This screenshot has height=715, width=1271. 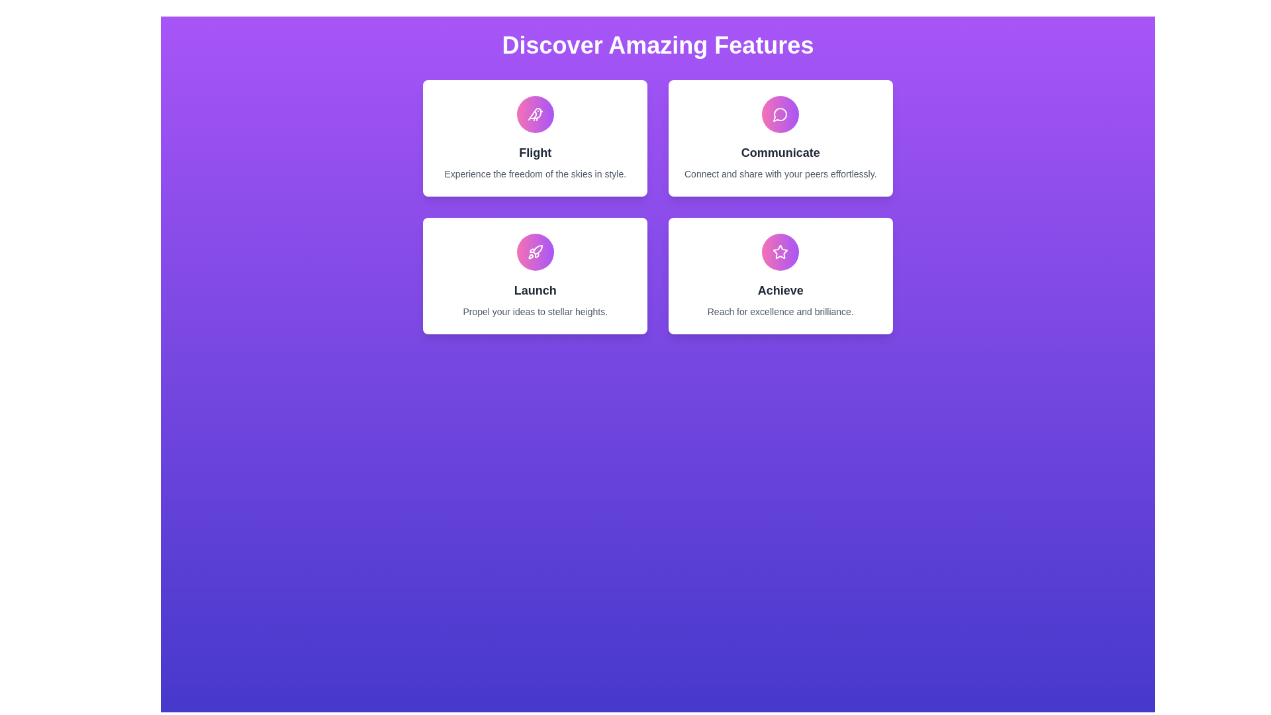 I want to click on the 'Launch' Information Card, which is the third card in a grid layout, featuring a rocket icon at the top and the text 'Propel your ideas to stellar heights.', so click(x=535, y=275).